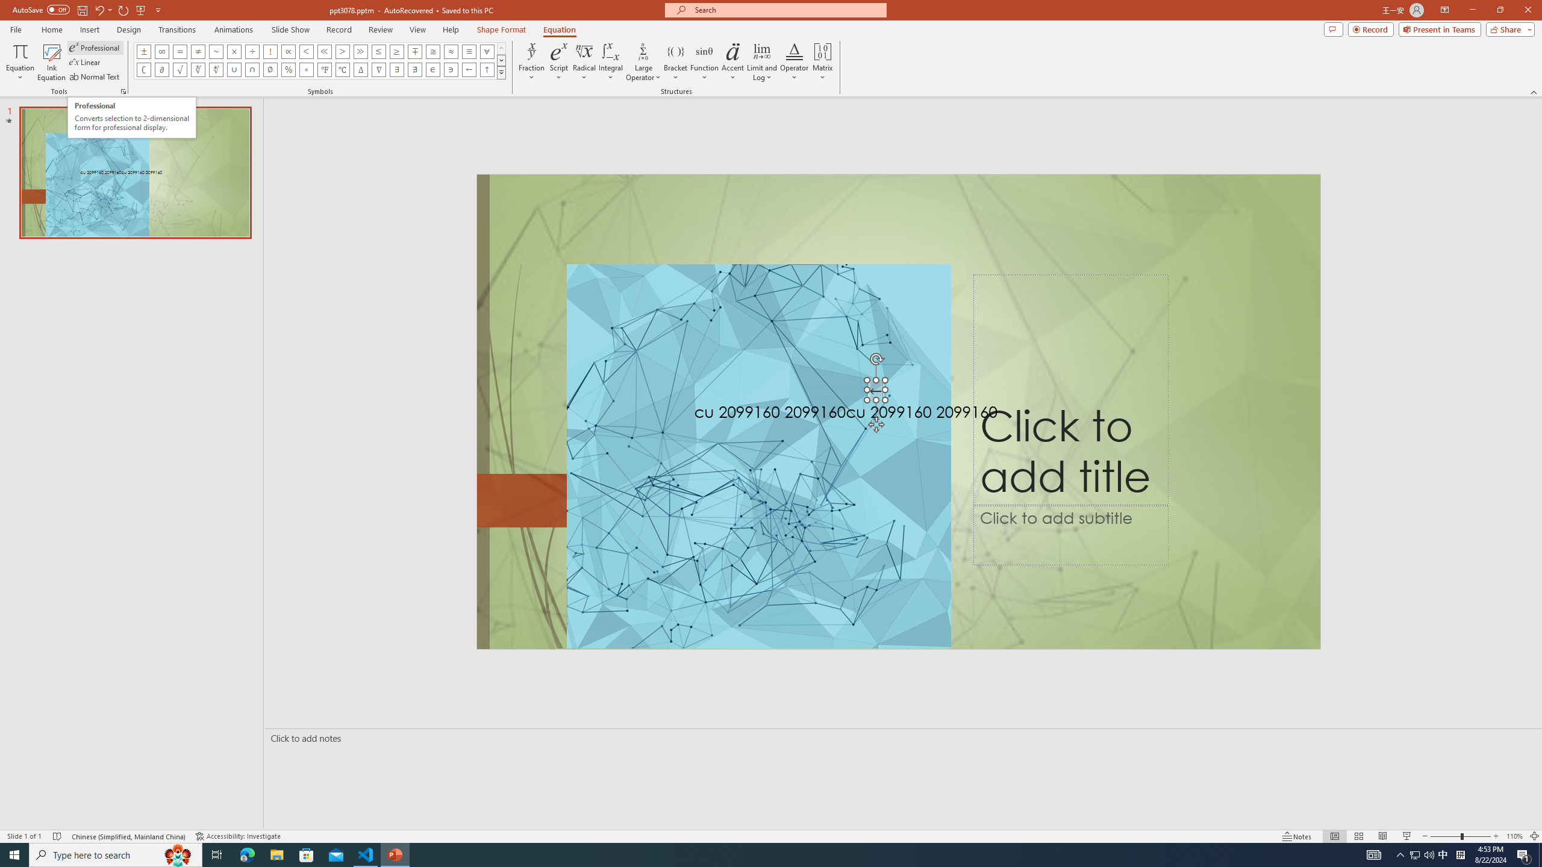 Image resolution: width=1542 pixels, height=867 pixels. Describe the element at coordinates (161, 69) in the screenshot. I see `'Equation Symbol Partial Differential'` at that location.